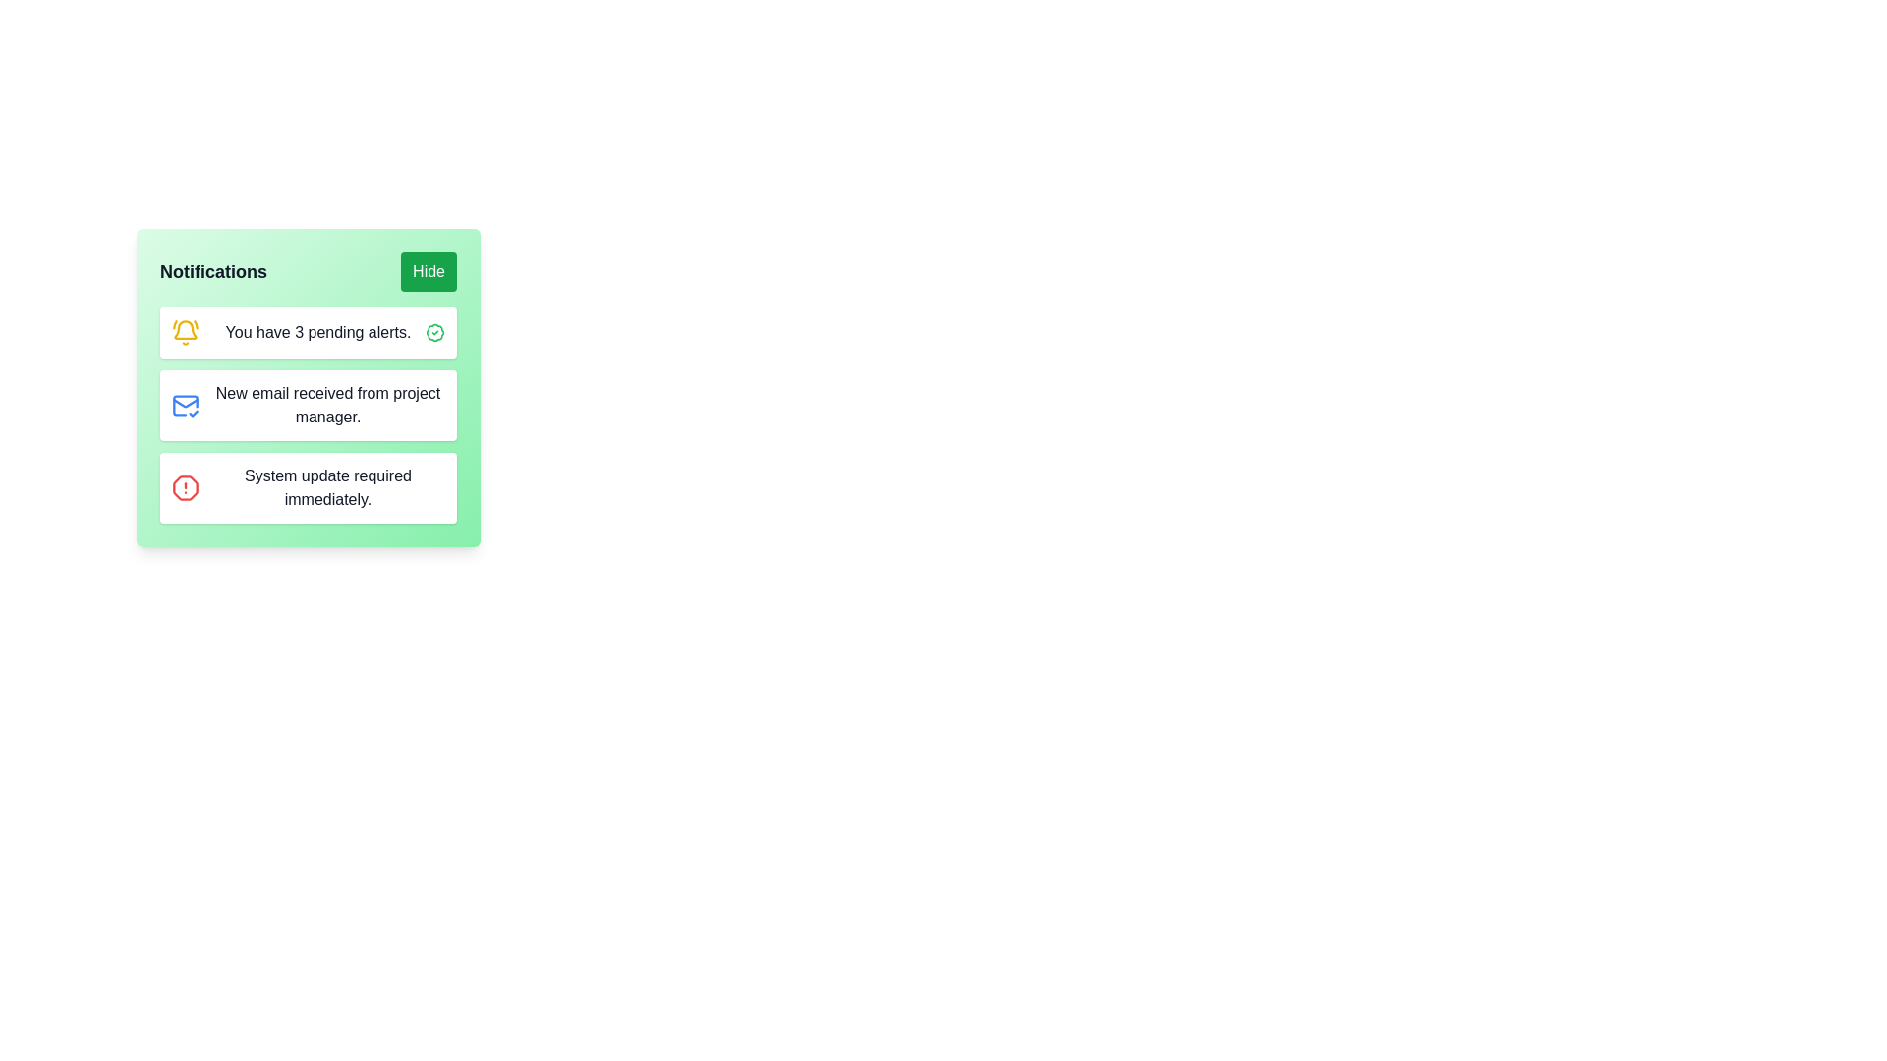  Describe the element at coordinates (185, 332) in the screenshot. I see `the bell icon located in the first notification row of the notifications dropdown, which indicates the presence of notifications or alerts, placed to the immediate left of the text 'You have 3 pending alerts.'` at that location.